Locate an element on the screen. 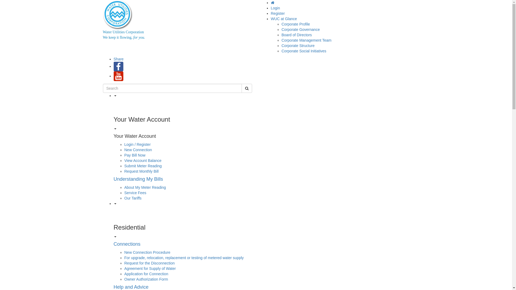 This screenshot has width=516, height=290. 'WUC at Glance' is located at coordinates (284, 18).